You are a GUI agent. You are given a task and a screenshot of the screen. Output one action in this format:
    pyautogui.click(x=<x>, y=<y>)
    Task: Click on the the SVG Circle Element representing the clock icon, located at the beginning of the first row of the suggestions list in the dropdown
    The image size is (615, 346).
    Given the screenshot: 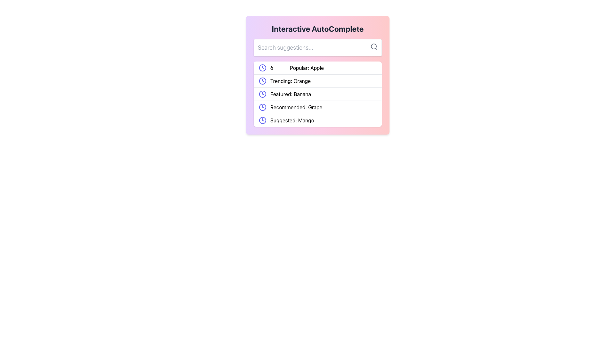 What is the action you would take?
    pyautogui.click(x=263, y=68)
    